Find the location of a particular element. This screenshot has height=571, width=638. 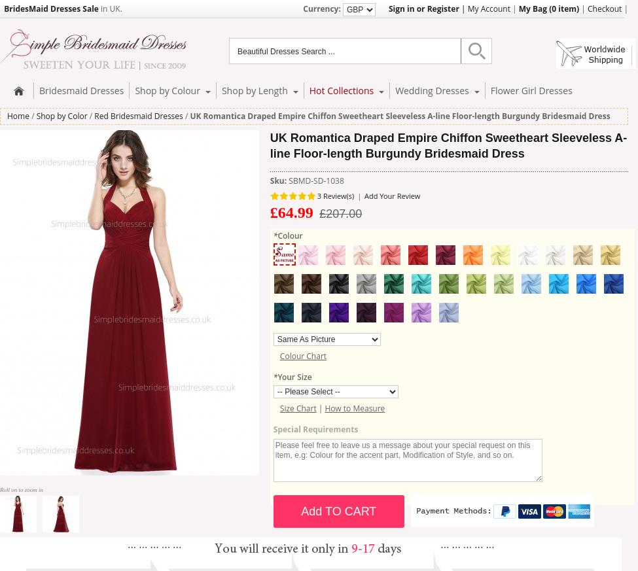

'Add TO CART' is located at coordinates (338, 511).